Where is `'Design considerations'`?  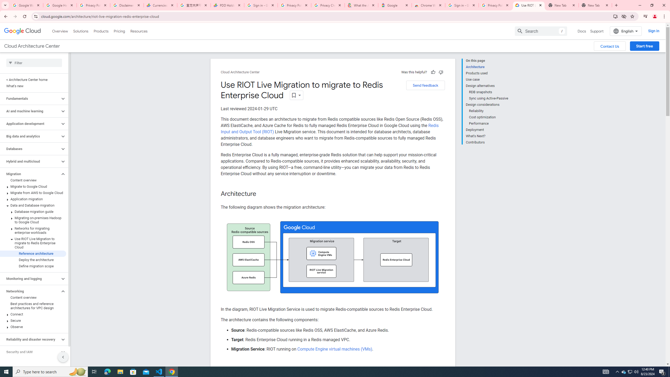 'Design considerations' is located at coordinates (487, 104).